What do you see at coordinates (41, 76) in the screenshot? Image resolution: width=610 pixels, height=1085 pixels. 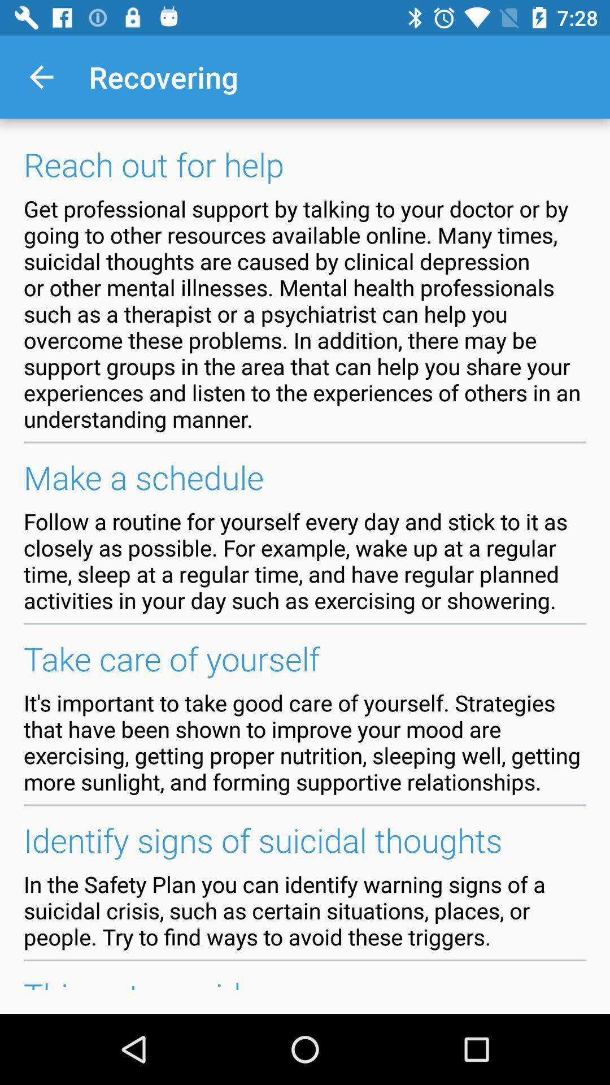 I see `the app to the left of the recovering item` at bounding box center [41, 76].